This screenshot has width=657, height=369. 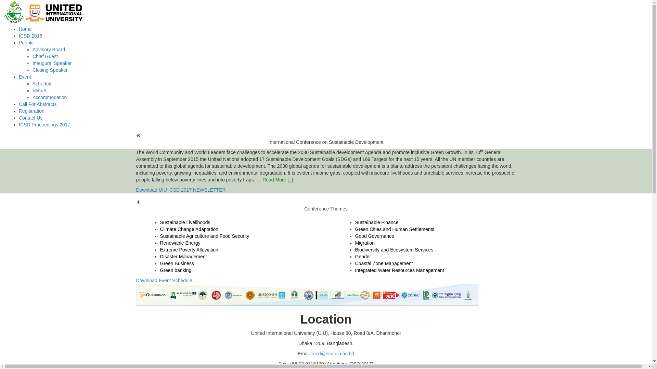 I want to click on 'Chief Guest', so click(x=45, y=56).